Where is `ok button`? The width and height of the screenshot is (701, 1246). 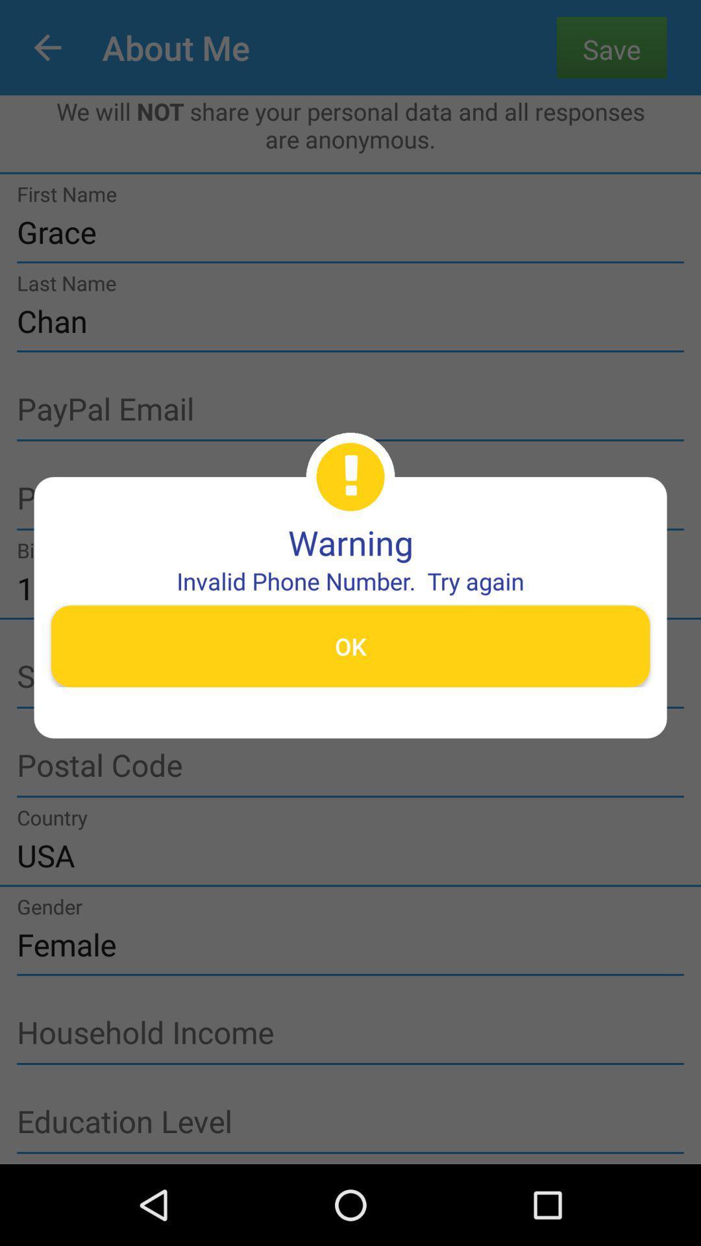
ok button is located at coordinates (350, 646).